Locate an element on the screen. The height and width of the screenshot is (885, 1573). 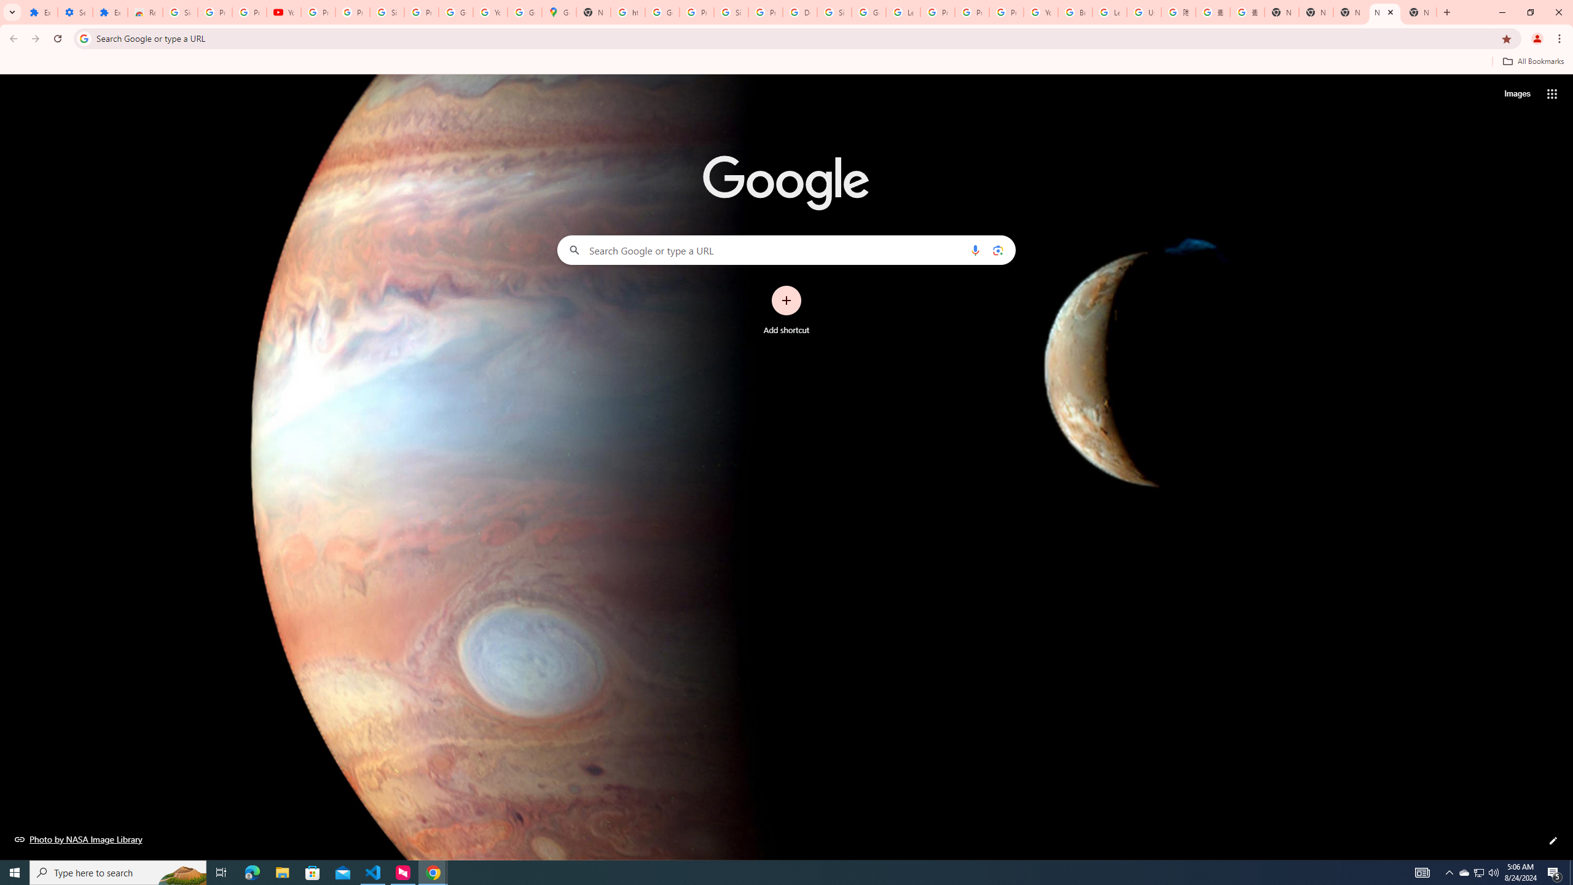
'Google Account' is located at coordinates (455, 12).